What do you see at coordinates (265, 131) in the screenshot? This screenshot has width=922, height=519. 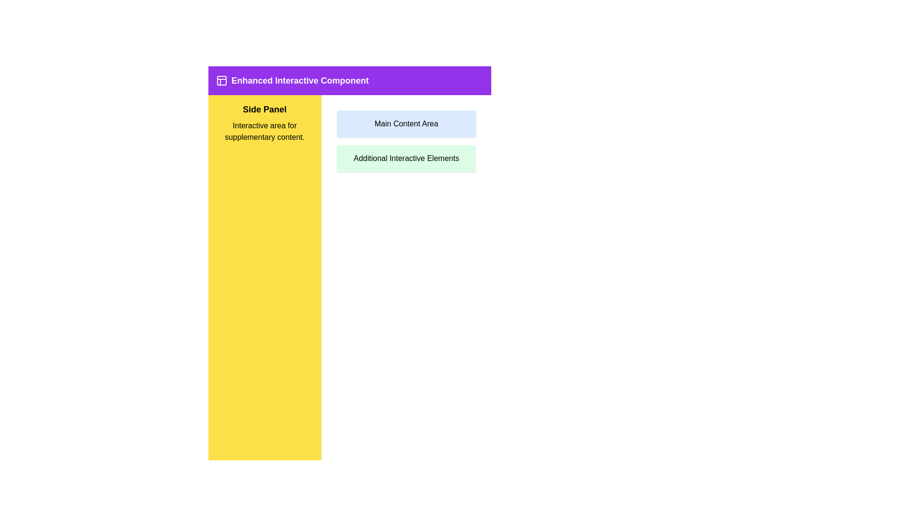 I see `the Text Label located in the 'Side Panel' below the title 'Side Panel', which provides context or guidance related to supplementary content` at bounding box center [265, 131].